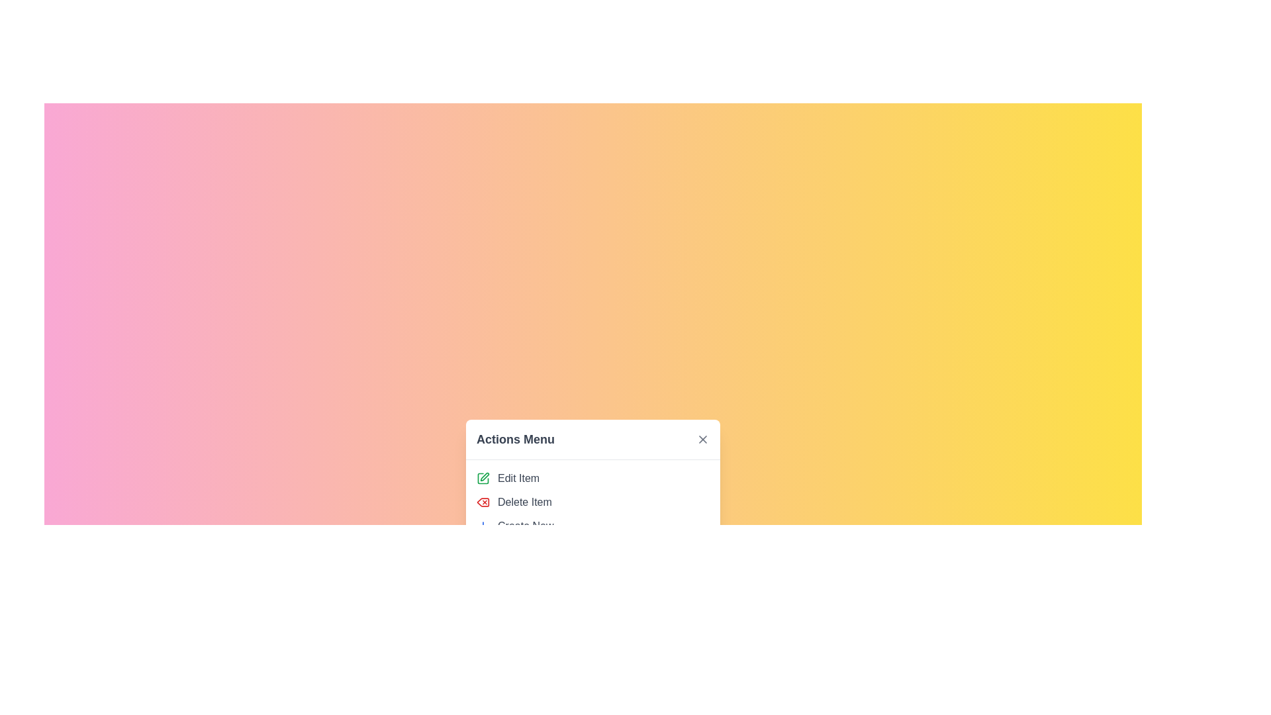 The image size is (1271, 715). Describe the element at coordinates (482, 502) in the screenshot. I see `the 'Delete Item' icon button, which is the second item in the vertical list of actions` at that location.